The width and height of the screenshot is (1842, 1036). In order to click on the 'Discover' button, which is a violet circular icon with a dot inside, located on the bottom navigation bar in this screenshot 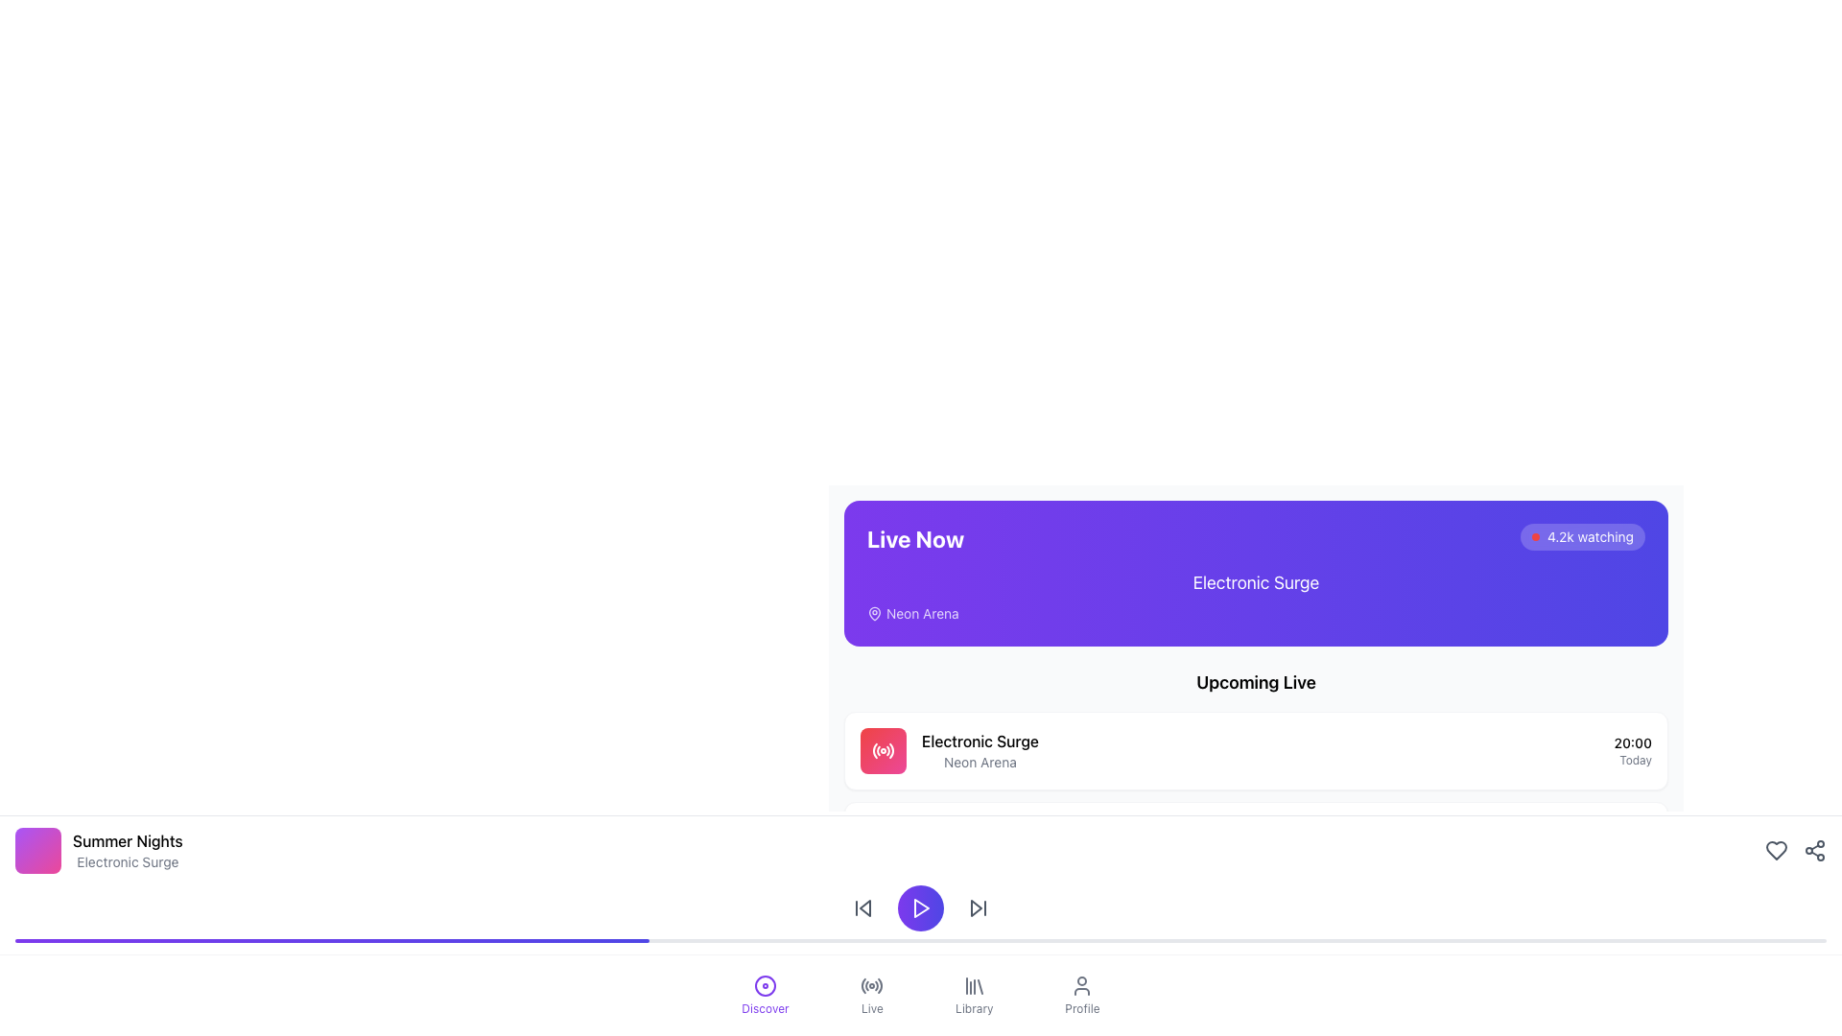, I will do `click(764, 994)`.